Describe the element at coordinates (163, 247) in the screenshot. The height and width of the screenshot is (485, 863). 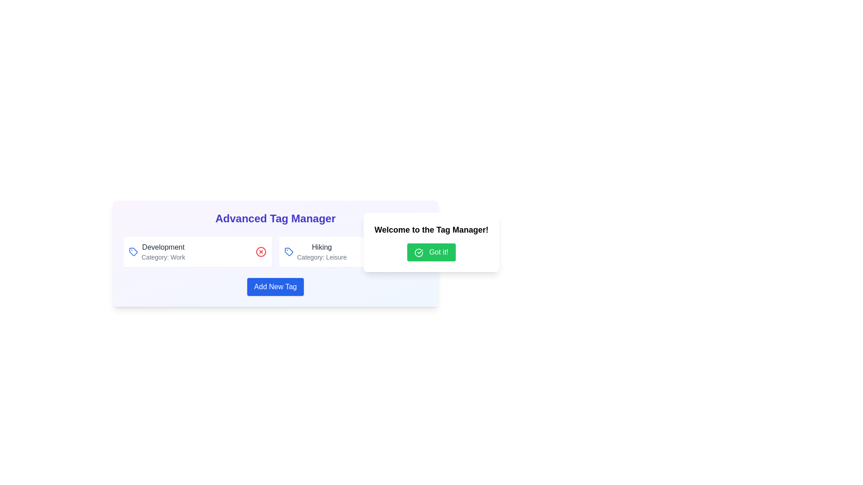
I see `the text label displaying 'Development' which is aligned to the left within a light-colored rectangular card in the 'Advanced Tag Manager' interface` at that location.